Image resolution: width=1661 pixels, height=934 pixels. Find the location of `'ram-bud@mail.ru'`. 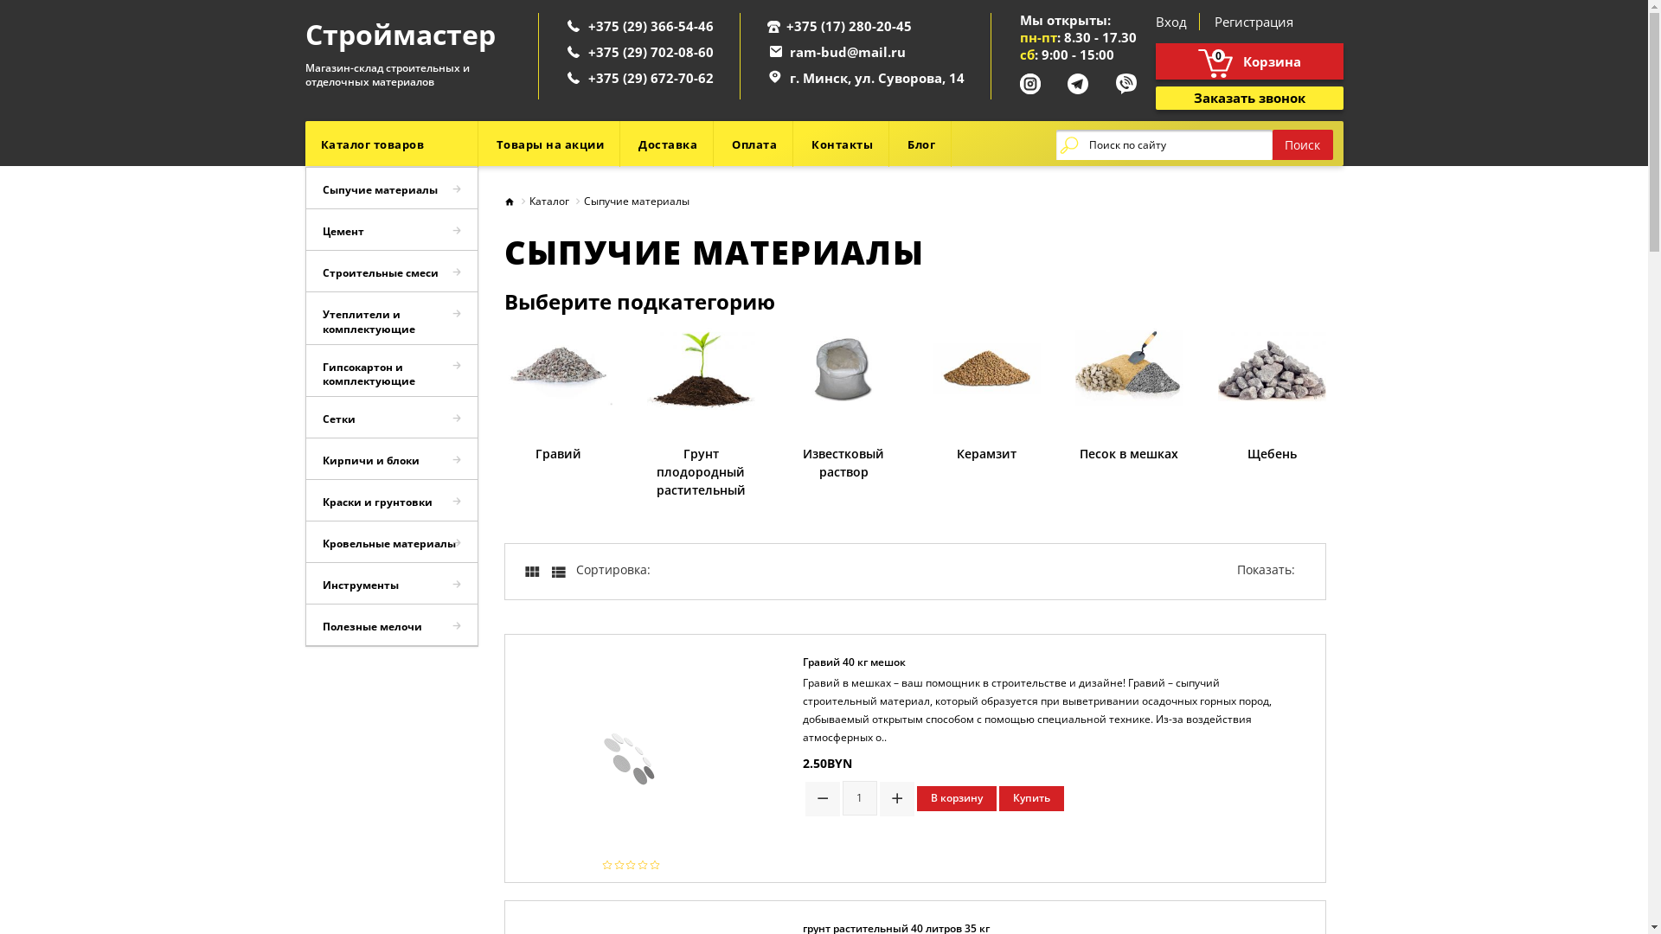

'ram-bud@mail.ru' is located at coordinates (847, 51).